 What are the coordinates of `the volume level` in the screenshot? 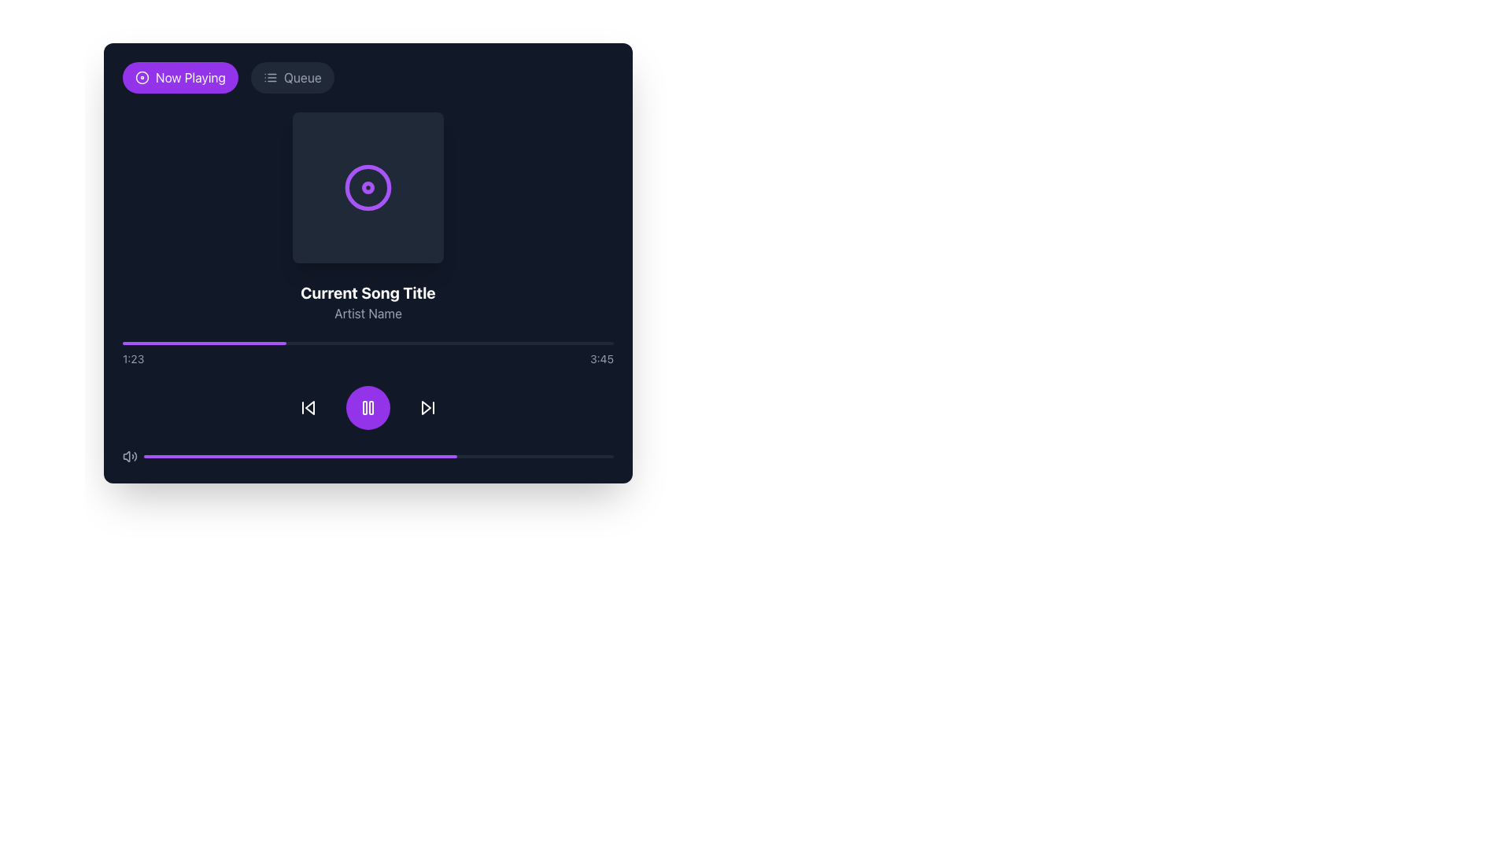 It's located at (162, 457).